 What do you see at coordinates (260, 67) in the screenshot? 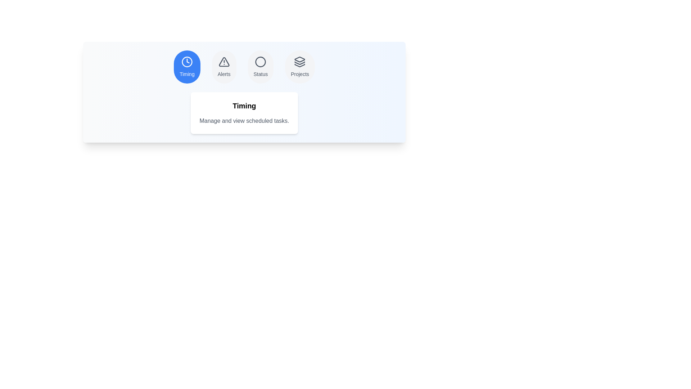
I see `the tab labeled Status to observe the hover effect` at bounding box center [260, 67].